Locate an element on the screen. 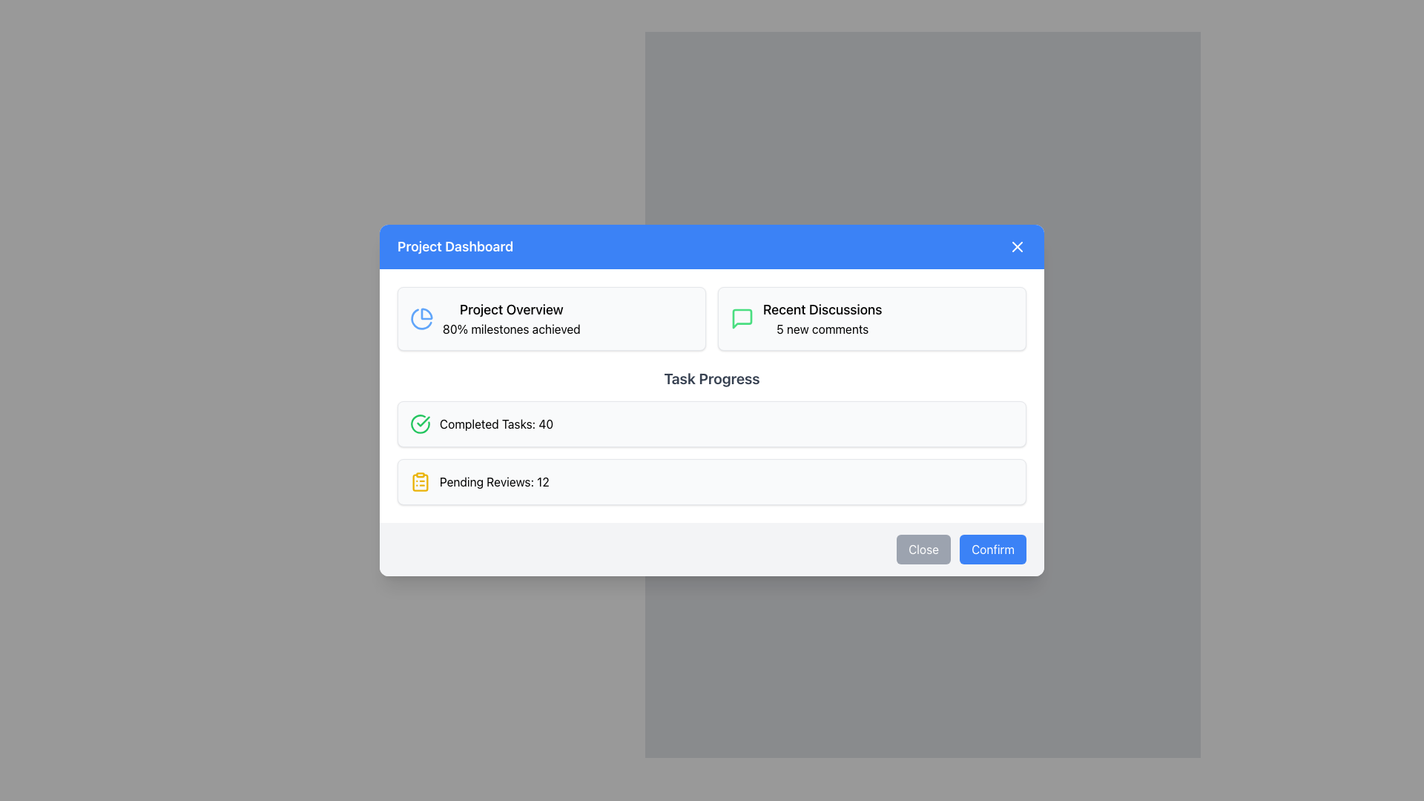 The image size is (1424, 801). the text label displaying '80% milestones achieved', which is located below the 'Project Overview' heading in the left side of the modal window is located at coordinates (511, 328).